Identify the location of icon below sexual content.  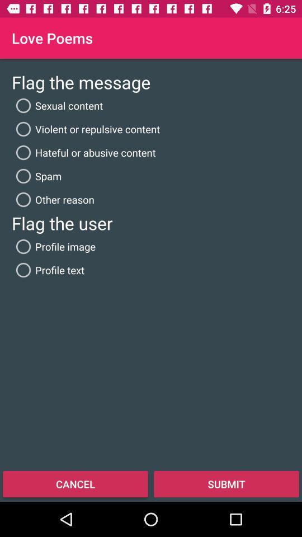
(85, 129).